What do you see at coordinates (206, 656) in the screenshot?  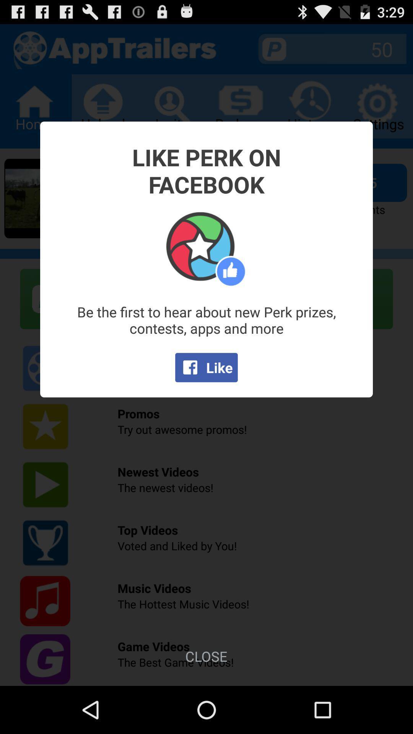 I see `the close app` at bounding box center [206, 656].